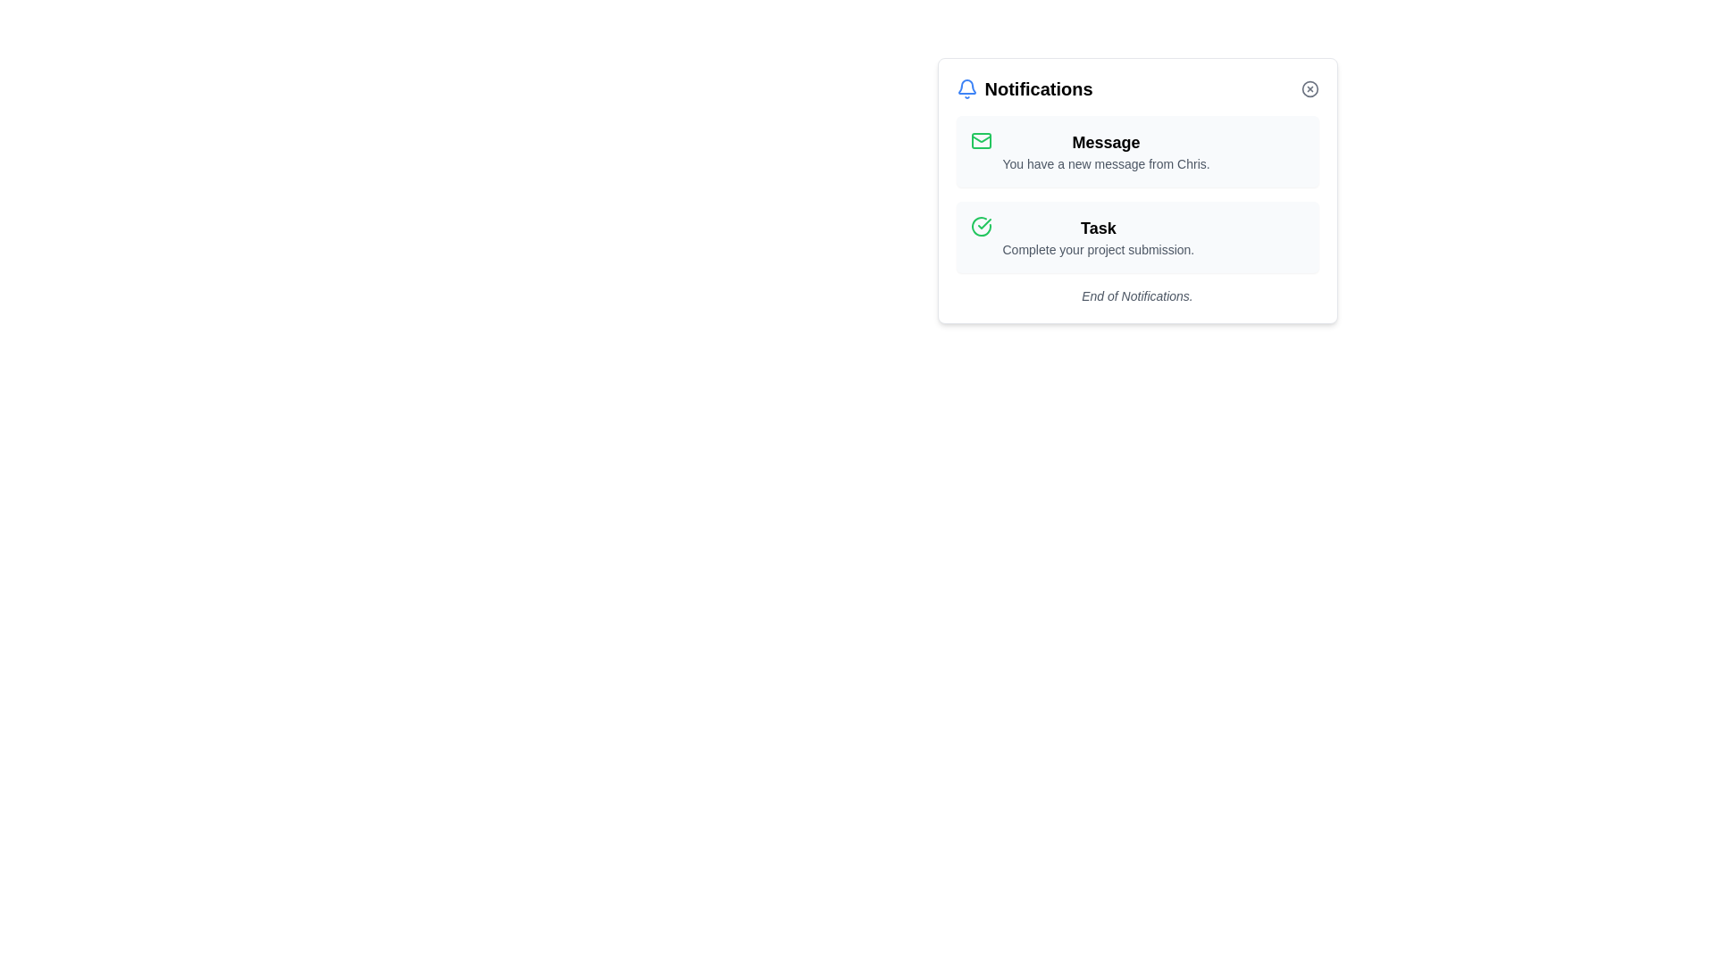  Describe the element at coordinates (1136, 295) in the screenshot. I see `the static informational text that serves as a separator or end marker, located at the bottom of the notification area, right below the two main notification items` at that location.